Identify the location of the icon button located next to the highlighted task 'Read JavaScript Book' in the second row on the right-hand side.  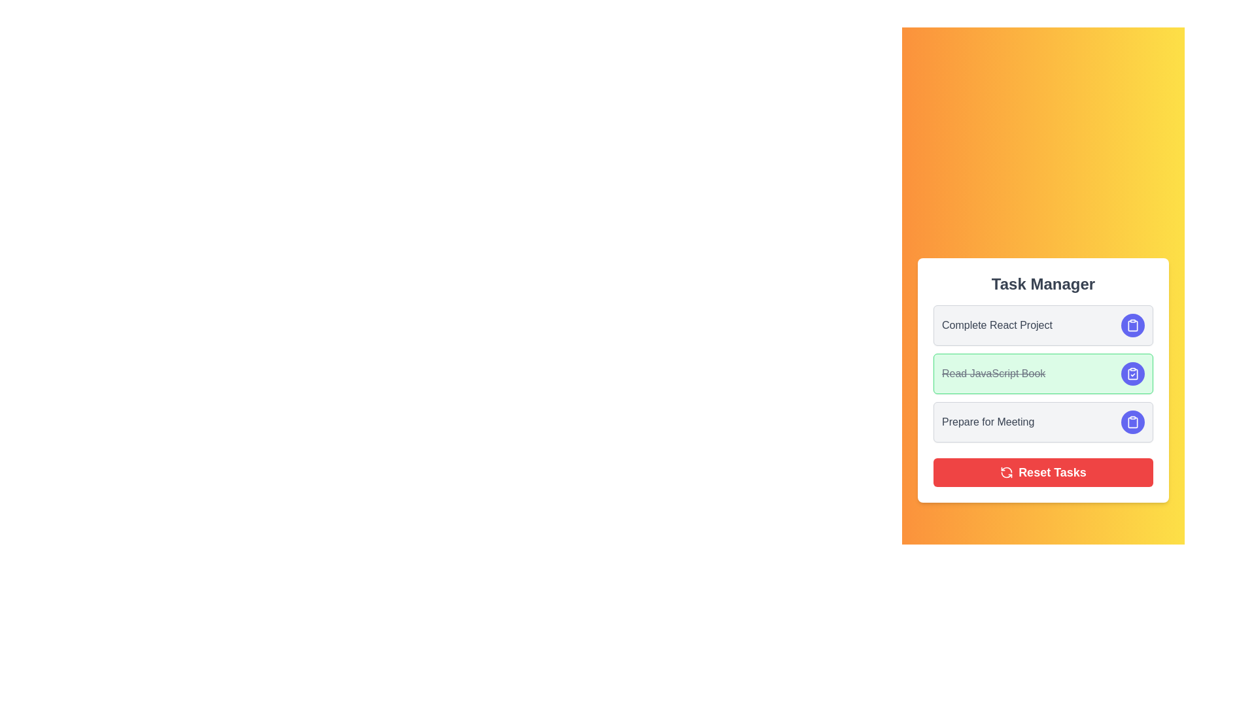
(1132, 422).